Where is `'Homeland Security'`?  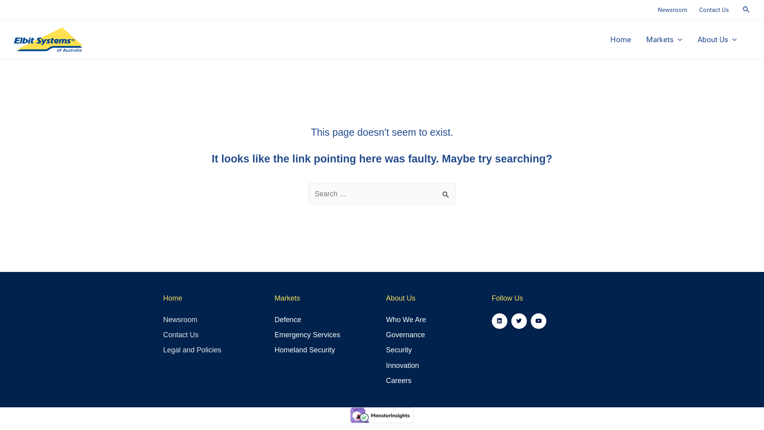 'Homeland Security' is located at coordinates (326, 350).